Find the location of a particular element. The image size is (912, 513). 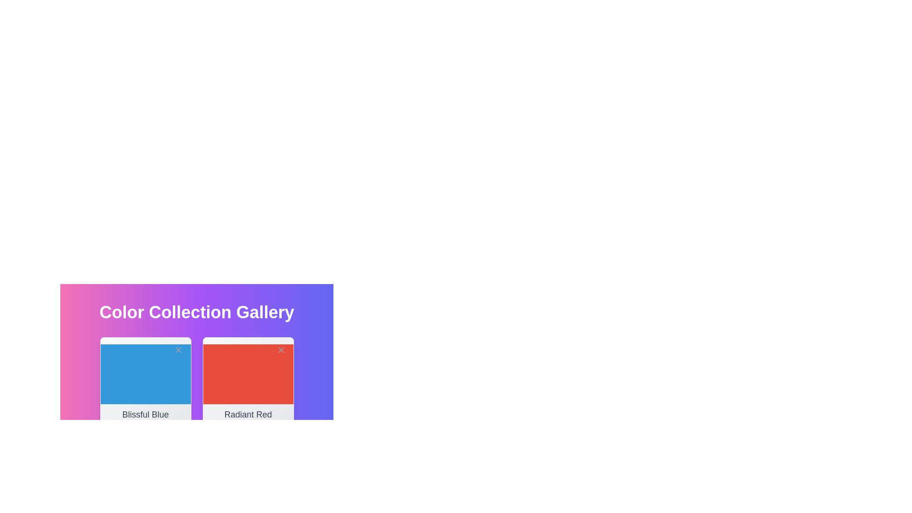

the 'Blissful Blue' card component located at the top left of the collection is located at coordinates (145, 382).